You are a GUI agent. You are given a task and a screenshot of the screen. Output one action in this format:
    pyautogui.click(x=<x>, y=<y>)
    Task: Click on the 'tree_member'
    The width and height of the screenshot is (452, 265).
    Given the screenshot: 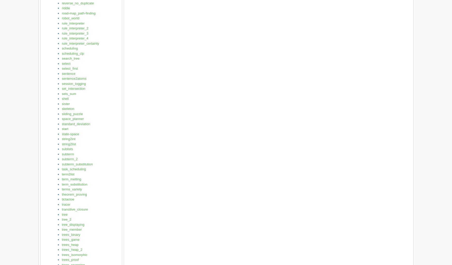 What is the action you would take?
    pyautogui.click(x=71, y=229)
    